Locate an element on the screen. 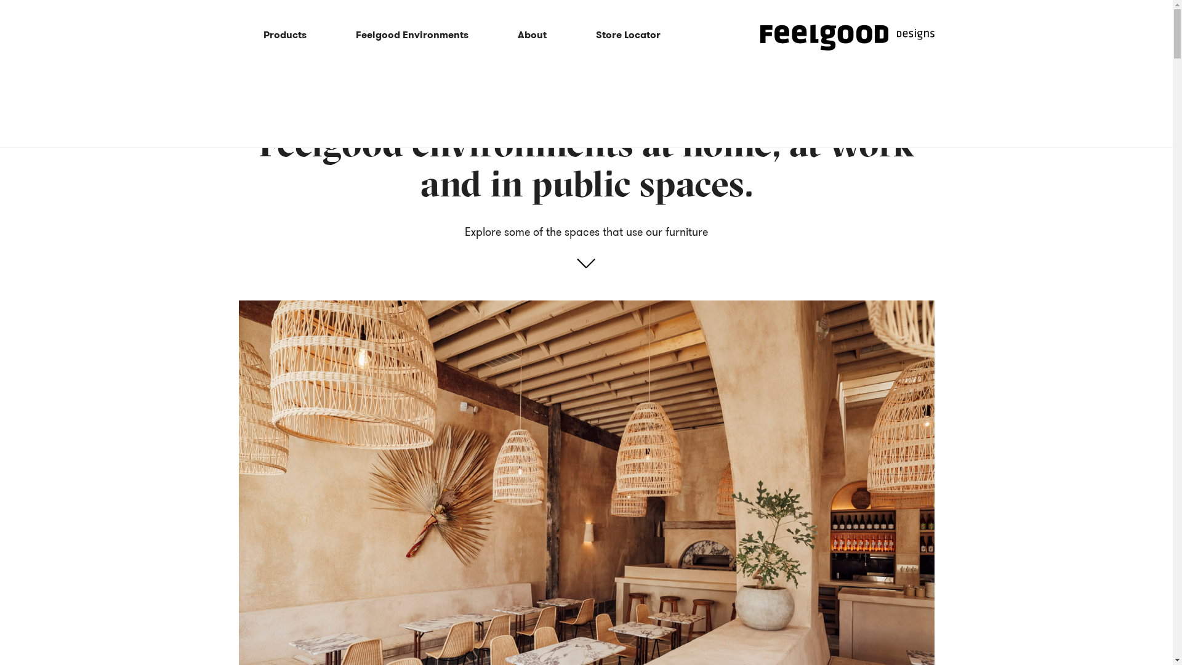  'Store Locator' is located at coordinates (628, 34).